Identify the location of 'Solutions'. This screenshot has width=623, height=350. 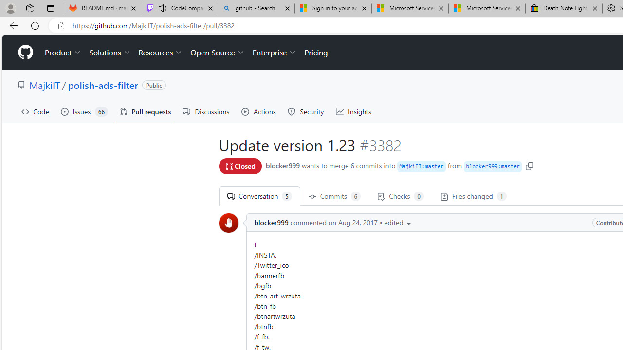
(110, 52).